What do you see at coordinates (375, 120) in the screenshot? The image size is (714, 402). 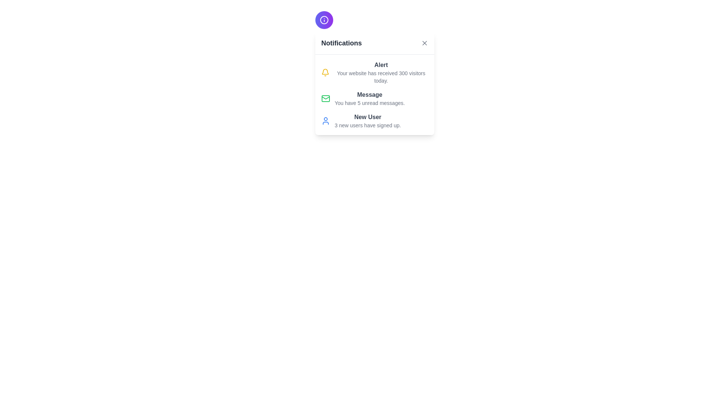 I see `the user icon next to the 'New User' informational list item in the notification stack` at bounding box center [375, 120].